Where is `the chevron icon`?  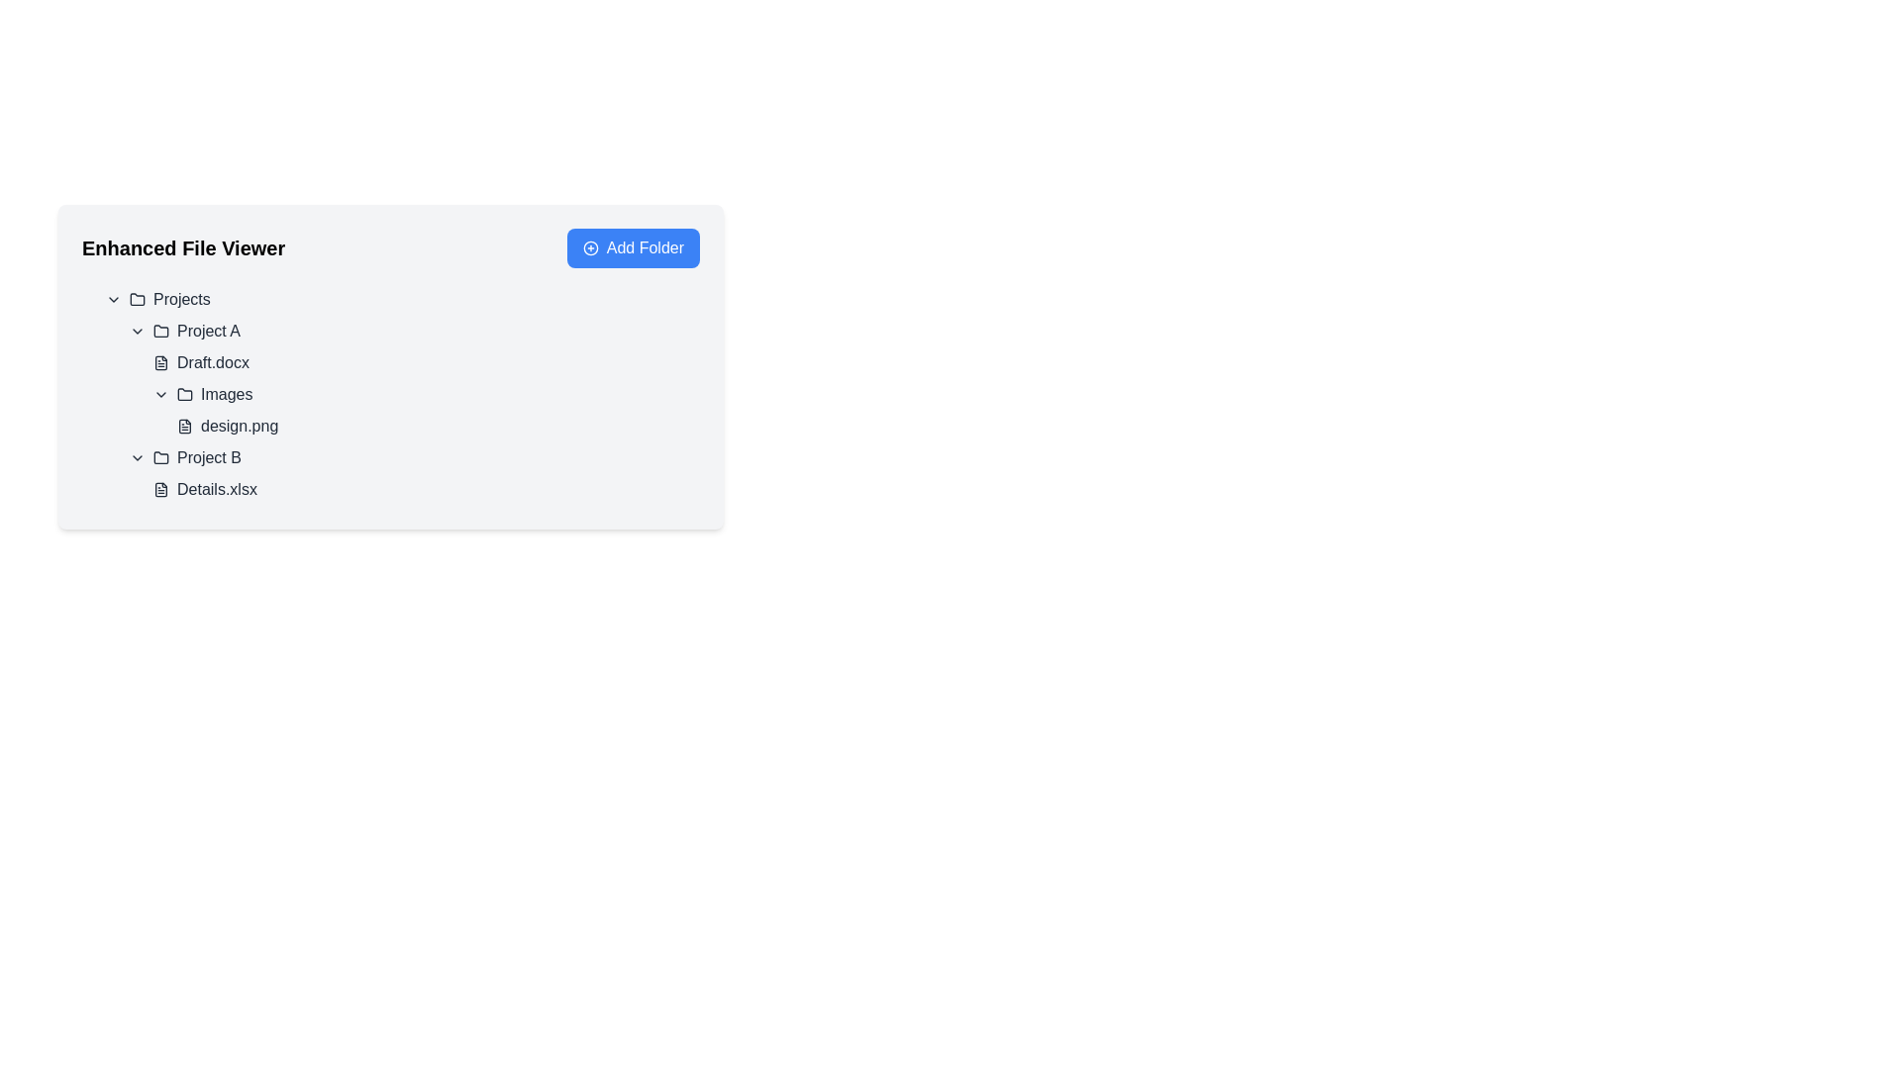 the chevron icon is located at coordinates (137, 457).